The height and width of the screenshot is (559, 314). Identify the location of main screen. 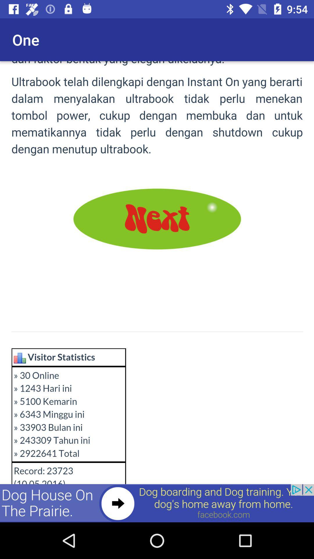
(157, 292).